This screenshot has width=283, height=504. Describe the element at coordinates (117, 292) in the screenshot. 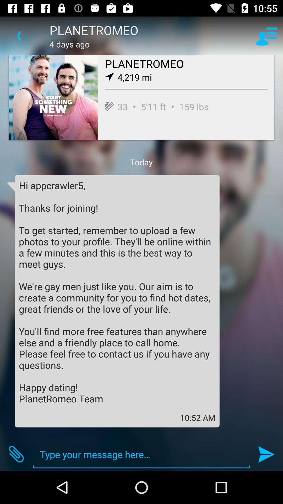

I see `icon above the 10:52 am` at that location.